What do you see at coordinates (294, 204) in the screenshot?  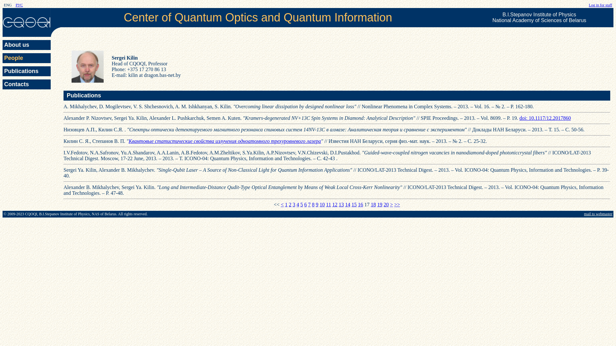 I see `'3'` at bounding box center [294, 204].